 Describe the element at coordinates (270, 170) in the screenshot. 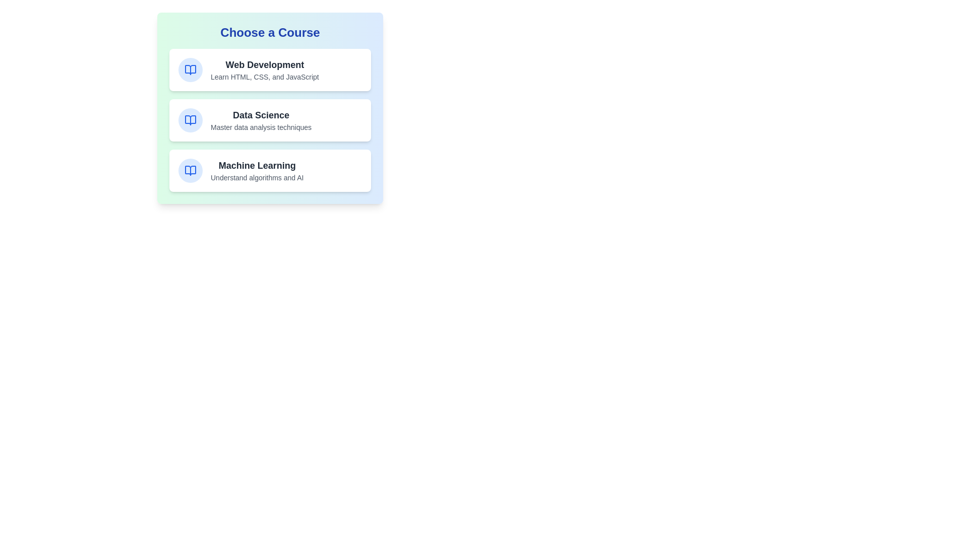

I see `the 'Machine Learning' course selection button-like card component in the 'Choose a Course' section` at that location.